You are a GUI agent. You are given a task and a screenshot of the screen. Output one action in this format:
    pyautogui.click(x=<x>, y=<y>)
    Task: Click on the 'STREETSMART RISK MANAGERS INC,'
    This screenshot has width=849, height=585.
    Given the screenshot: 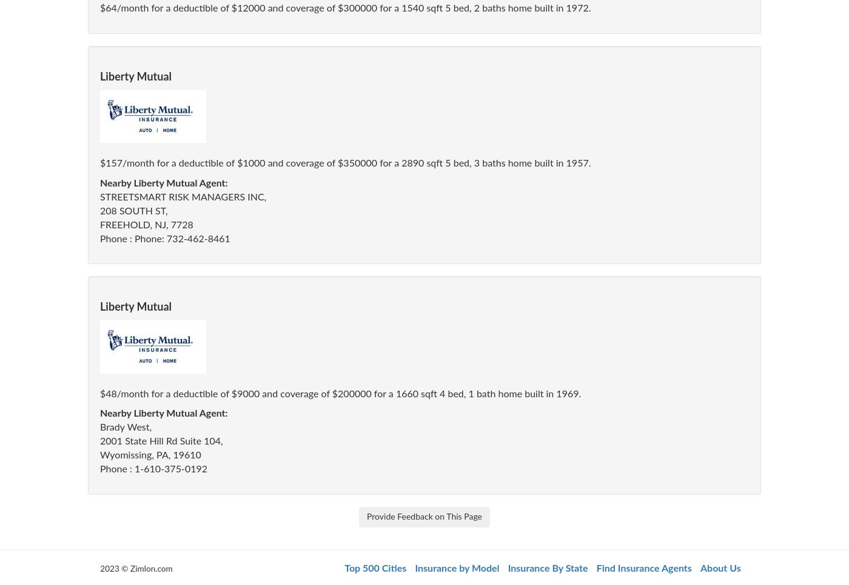 What is the action you would take?
    pyautogui.click(x=100, y=197)
    